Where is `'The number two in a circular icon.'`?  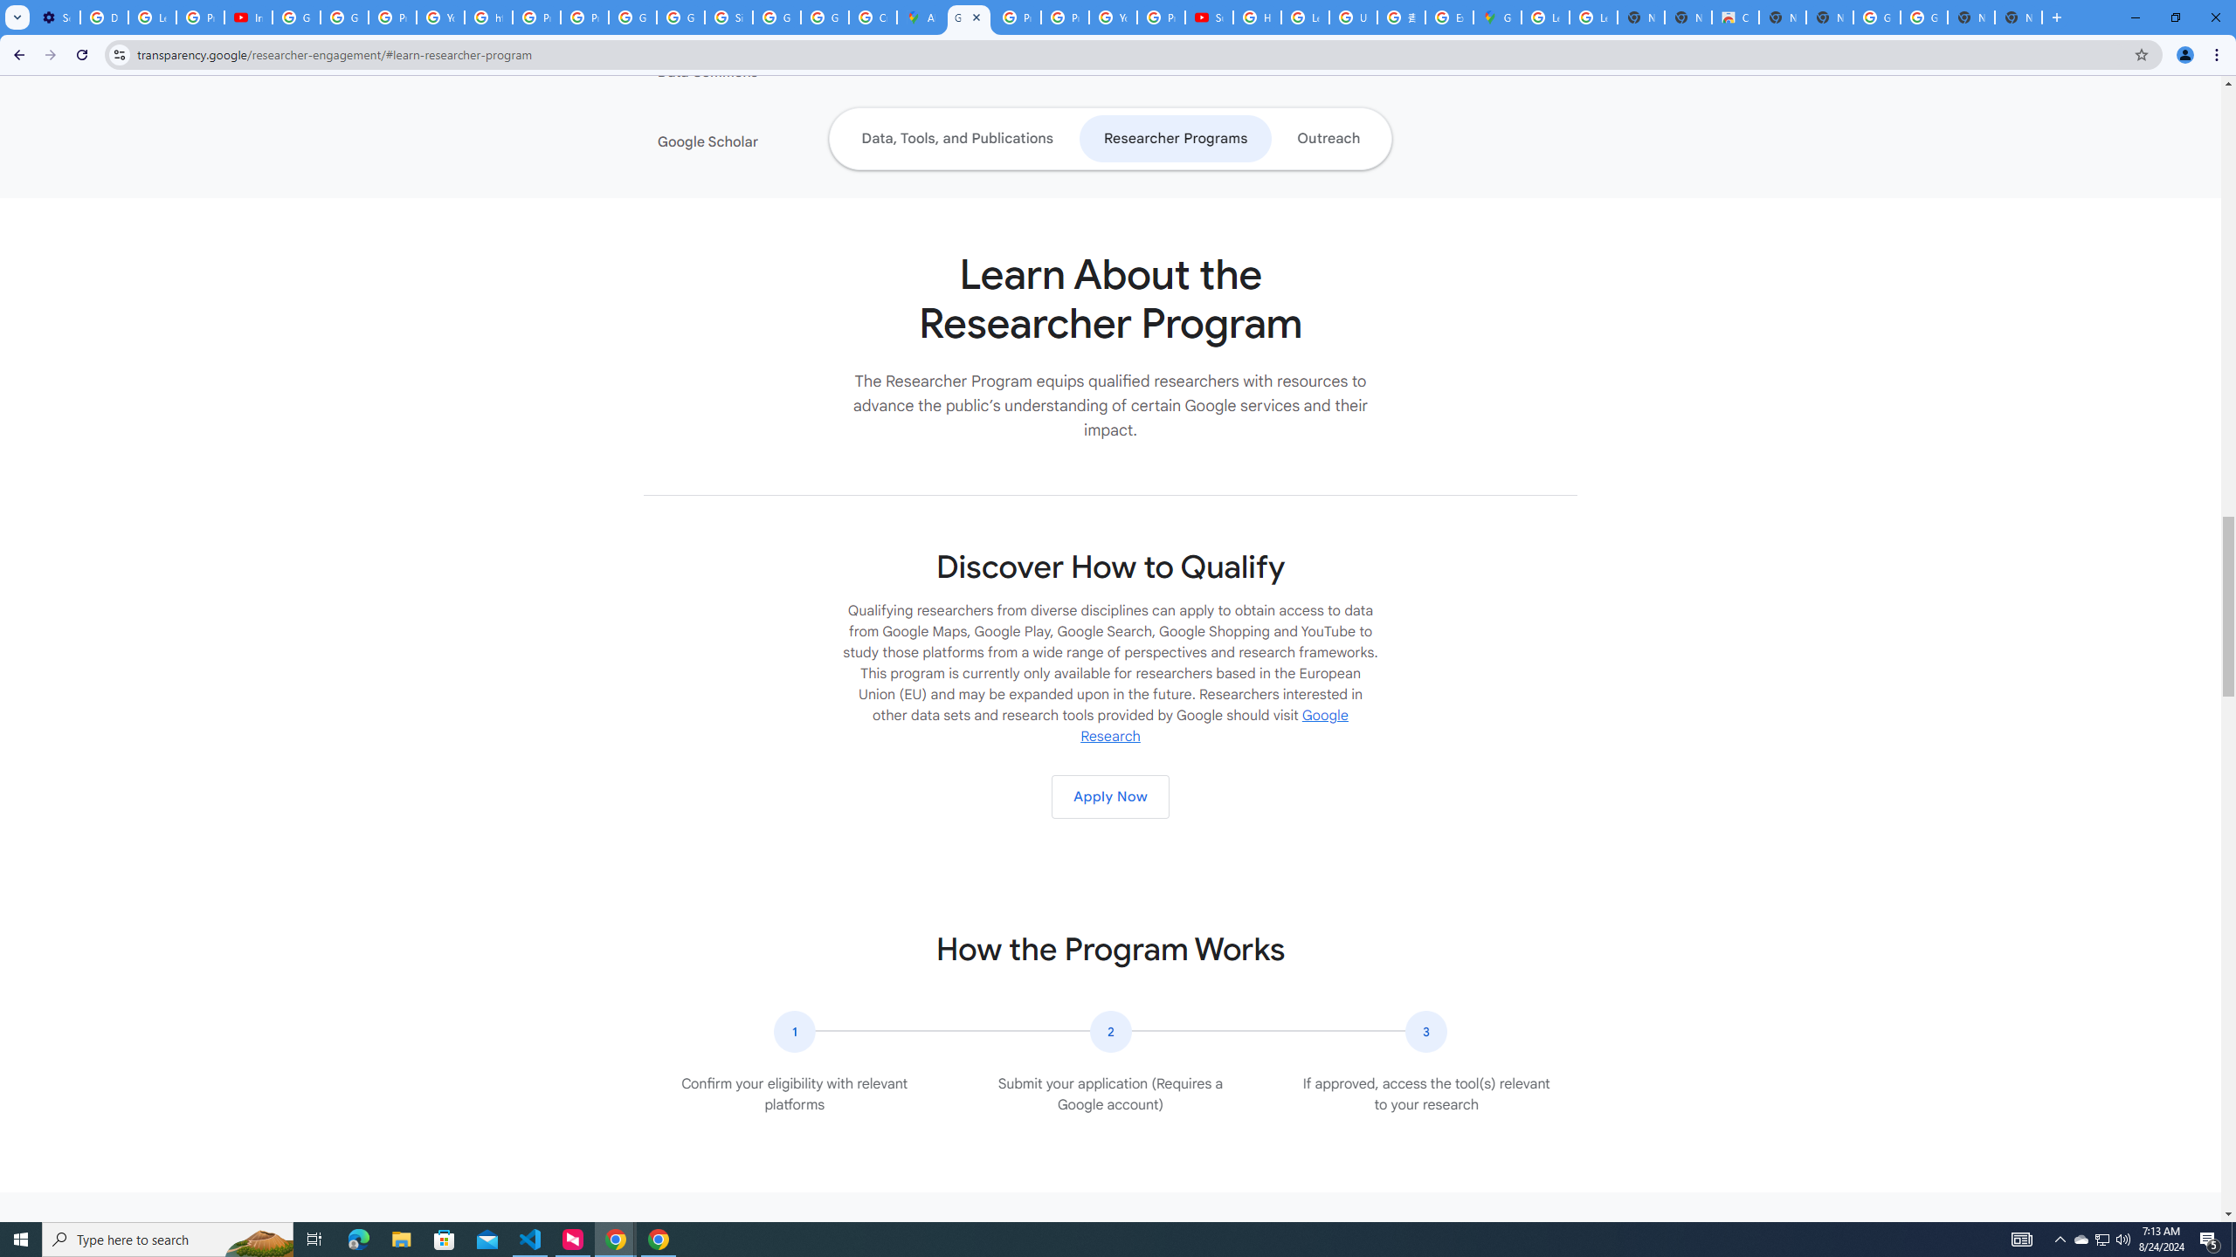 'The number two in a circular icon.' is located at coordinates (1110, 1032).